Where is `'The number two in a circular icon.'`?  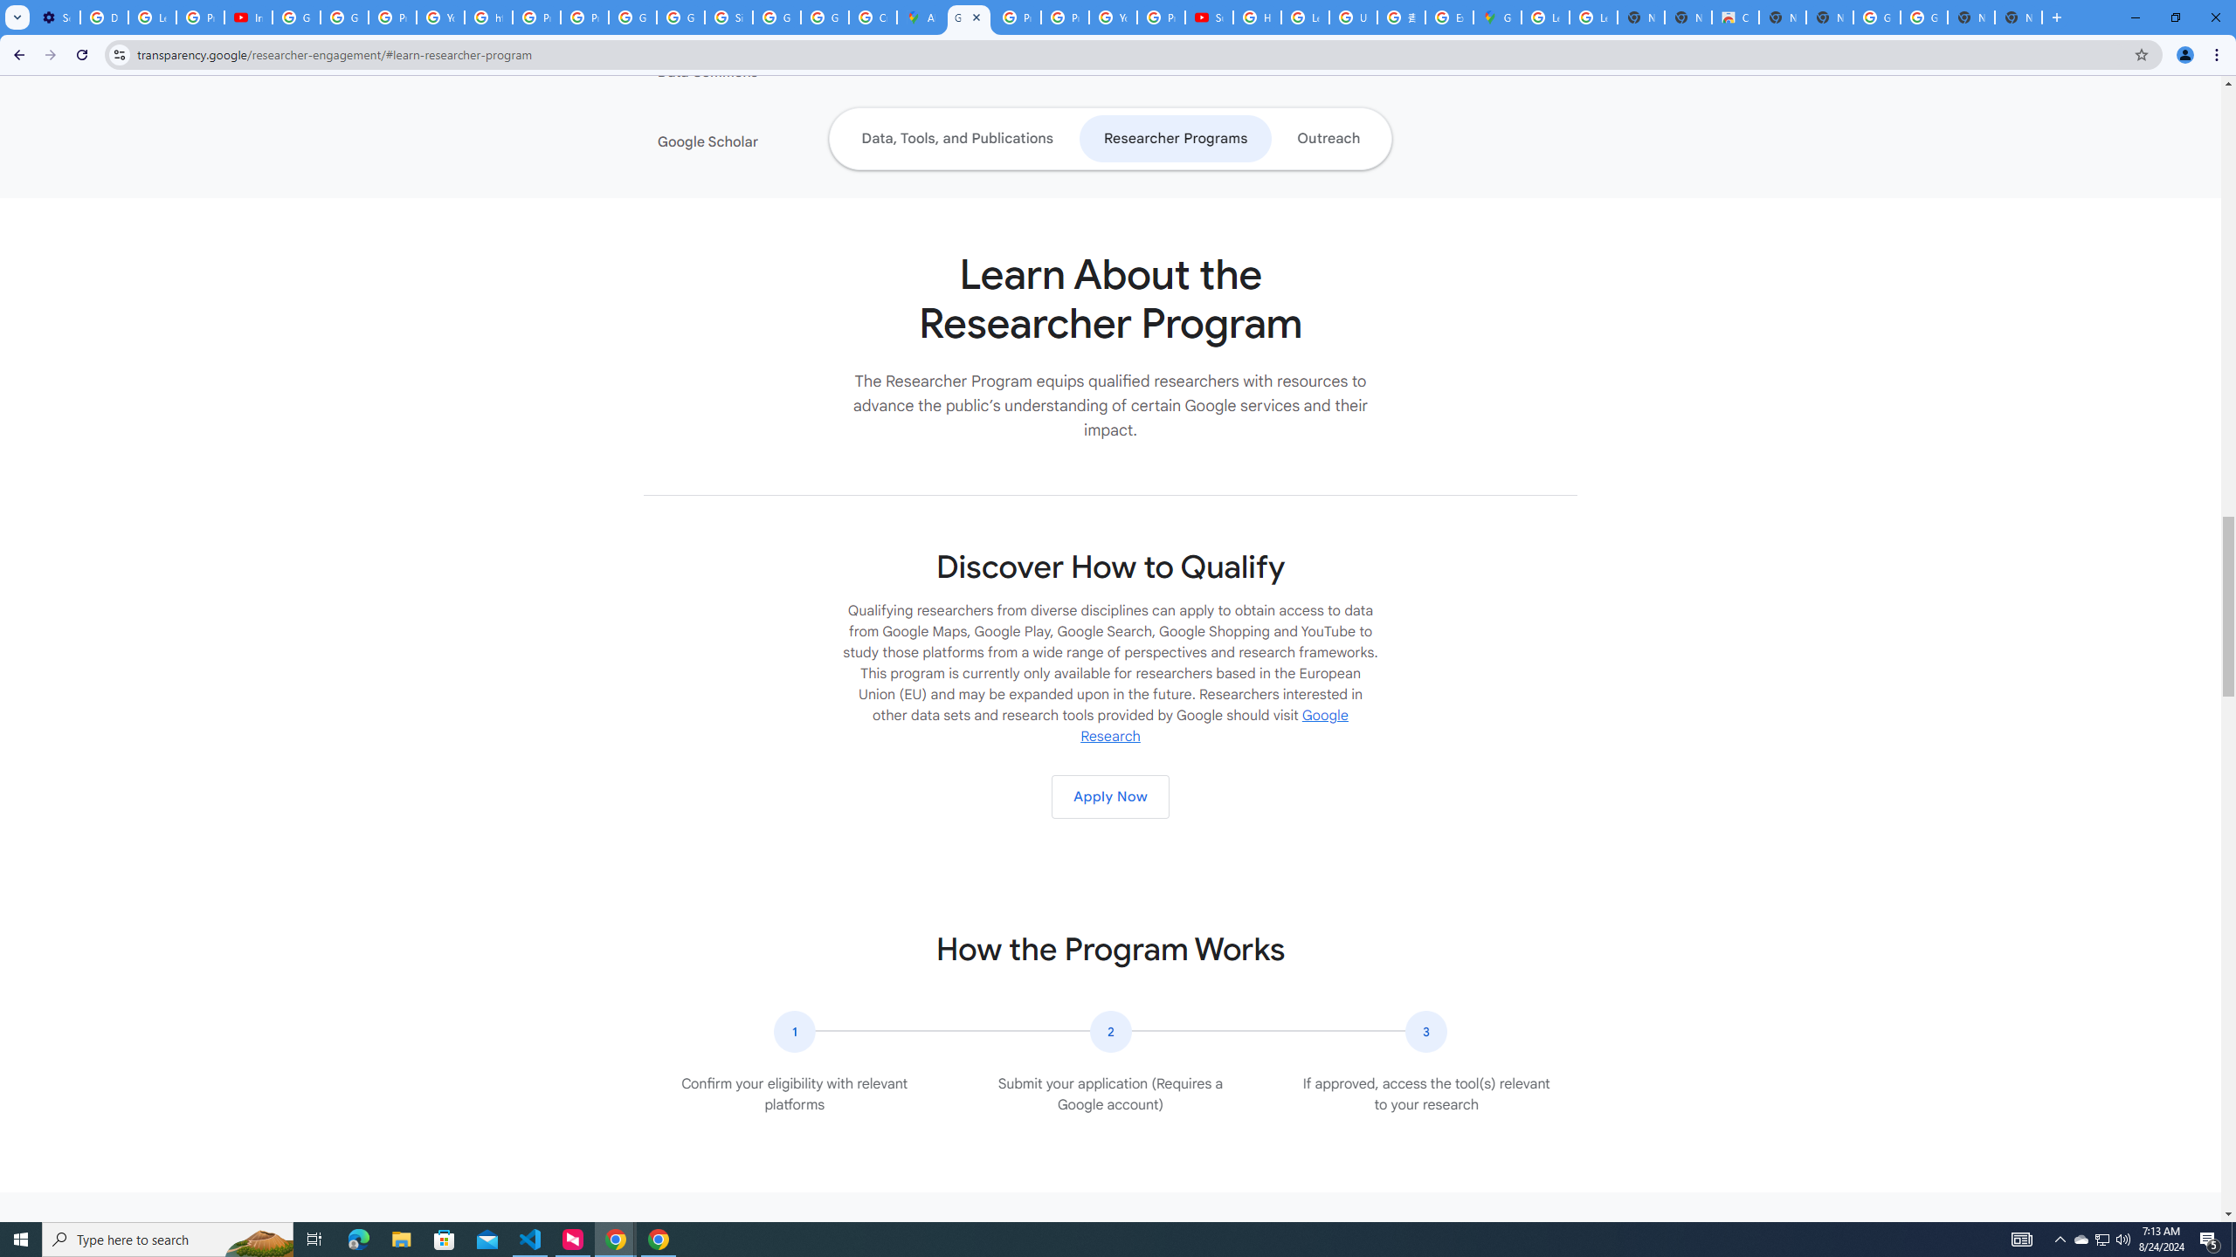 'The number two in a circular icon.' is located at coordinates (1110, 1032).